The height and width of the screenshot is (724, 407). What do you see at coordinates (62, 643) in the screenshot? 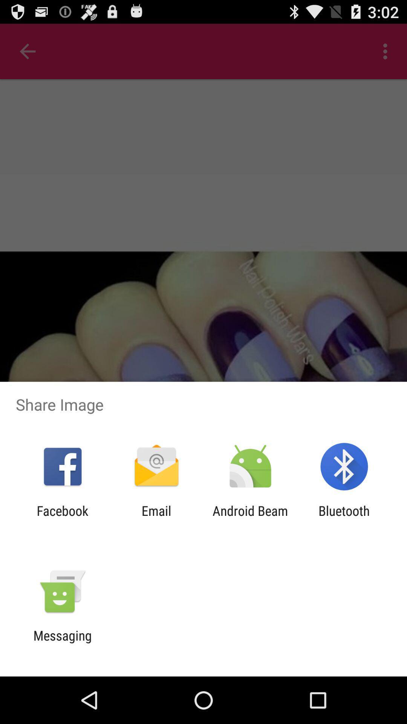
I see `messaging app` at bounding box center [62, 643].